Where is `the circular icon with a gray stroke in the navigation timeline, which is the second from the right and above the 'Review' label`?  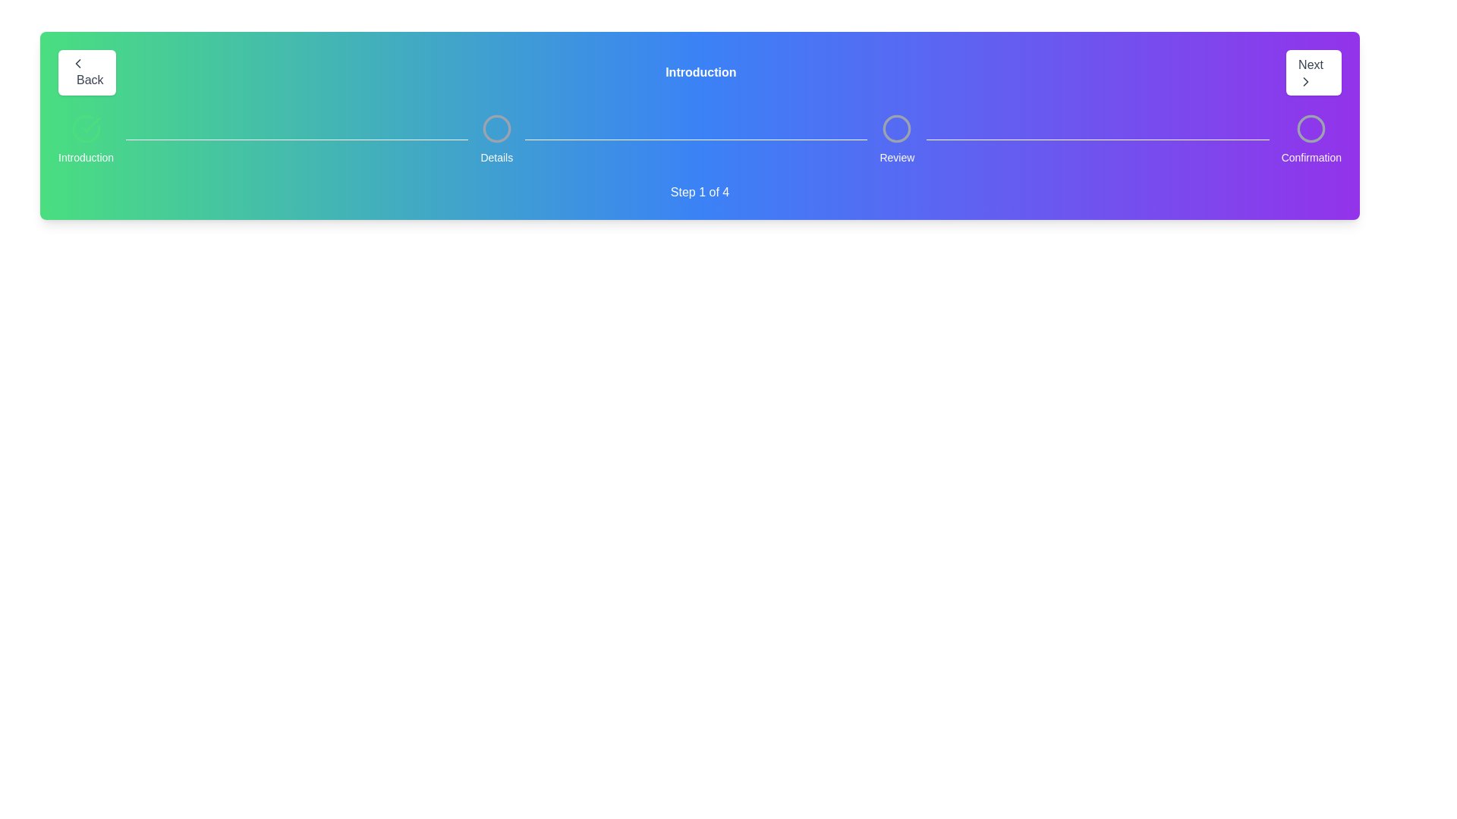 the circular icon with a gray stroke in the navigation timeline, which is the second from the right and above the 'Review' label is located at coordinates (897, 127).